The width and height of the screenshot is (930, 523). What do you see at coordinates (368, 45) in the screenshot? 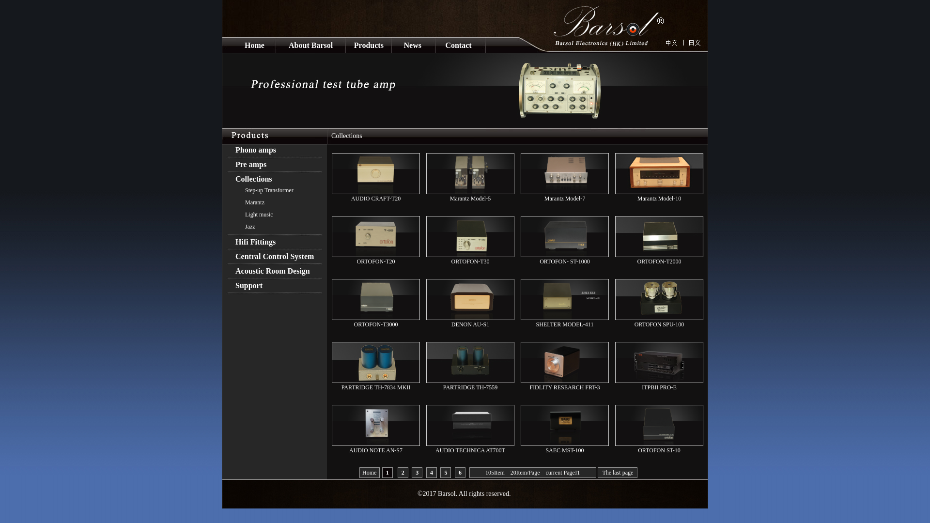
I see `'Products'` at bounding box center [368, 45].